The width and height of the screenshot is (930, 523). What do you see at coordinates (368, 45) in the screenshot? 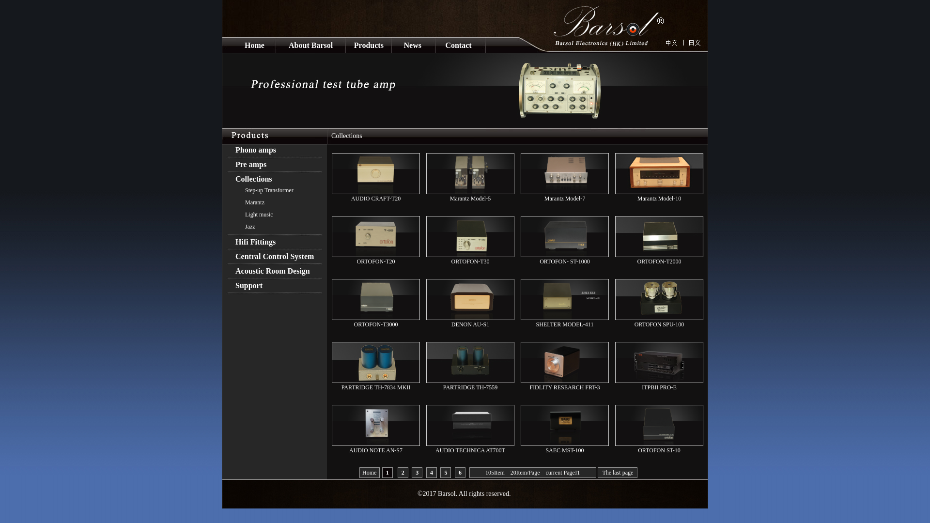
I see `'Products'` at bounding box center [368, 45].